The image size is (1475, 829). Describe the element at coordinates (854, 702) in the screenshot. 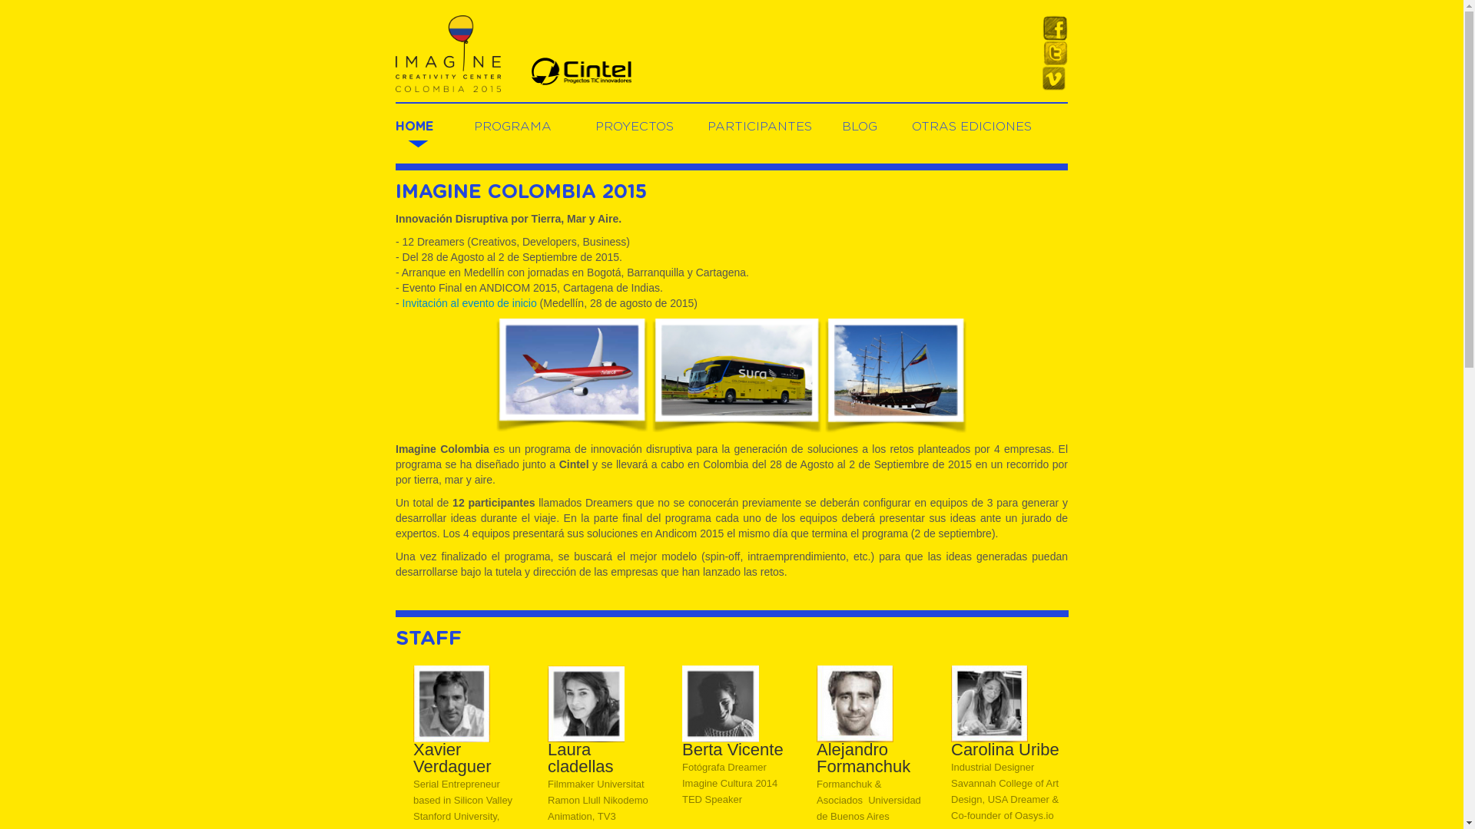

I see `'Alejandro Formanchuk'` at that location.